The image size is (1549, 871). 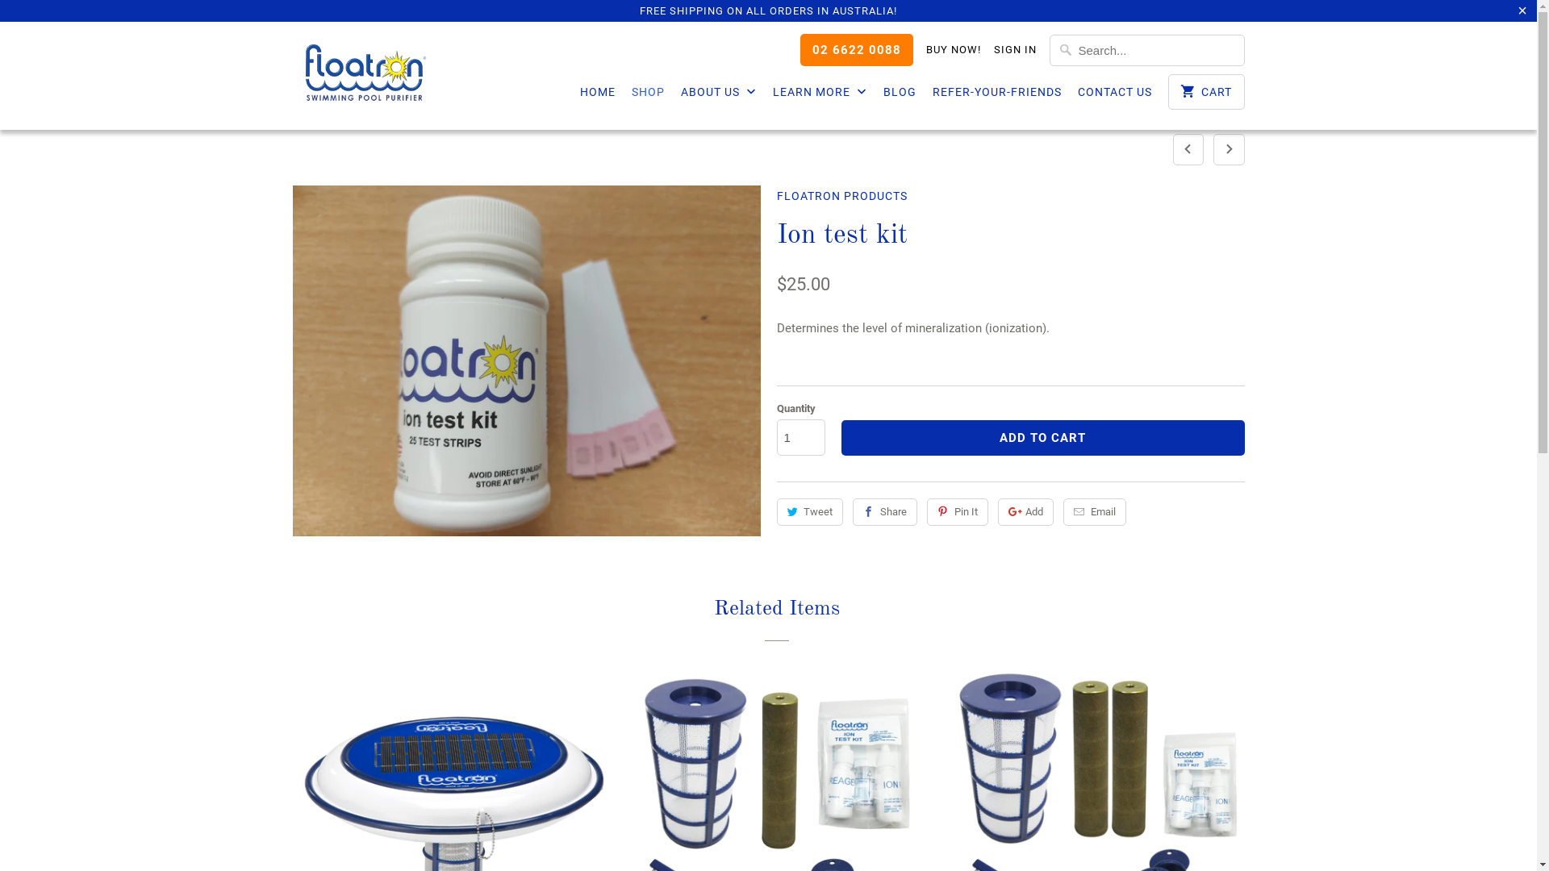 I want to click on 'ABOUT US', so click(x=718, y=96).